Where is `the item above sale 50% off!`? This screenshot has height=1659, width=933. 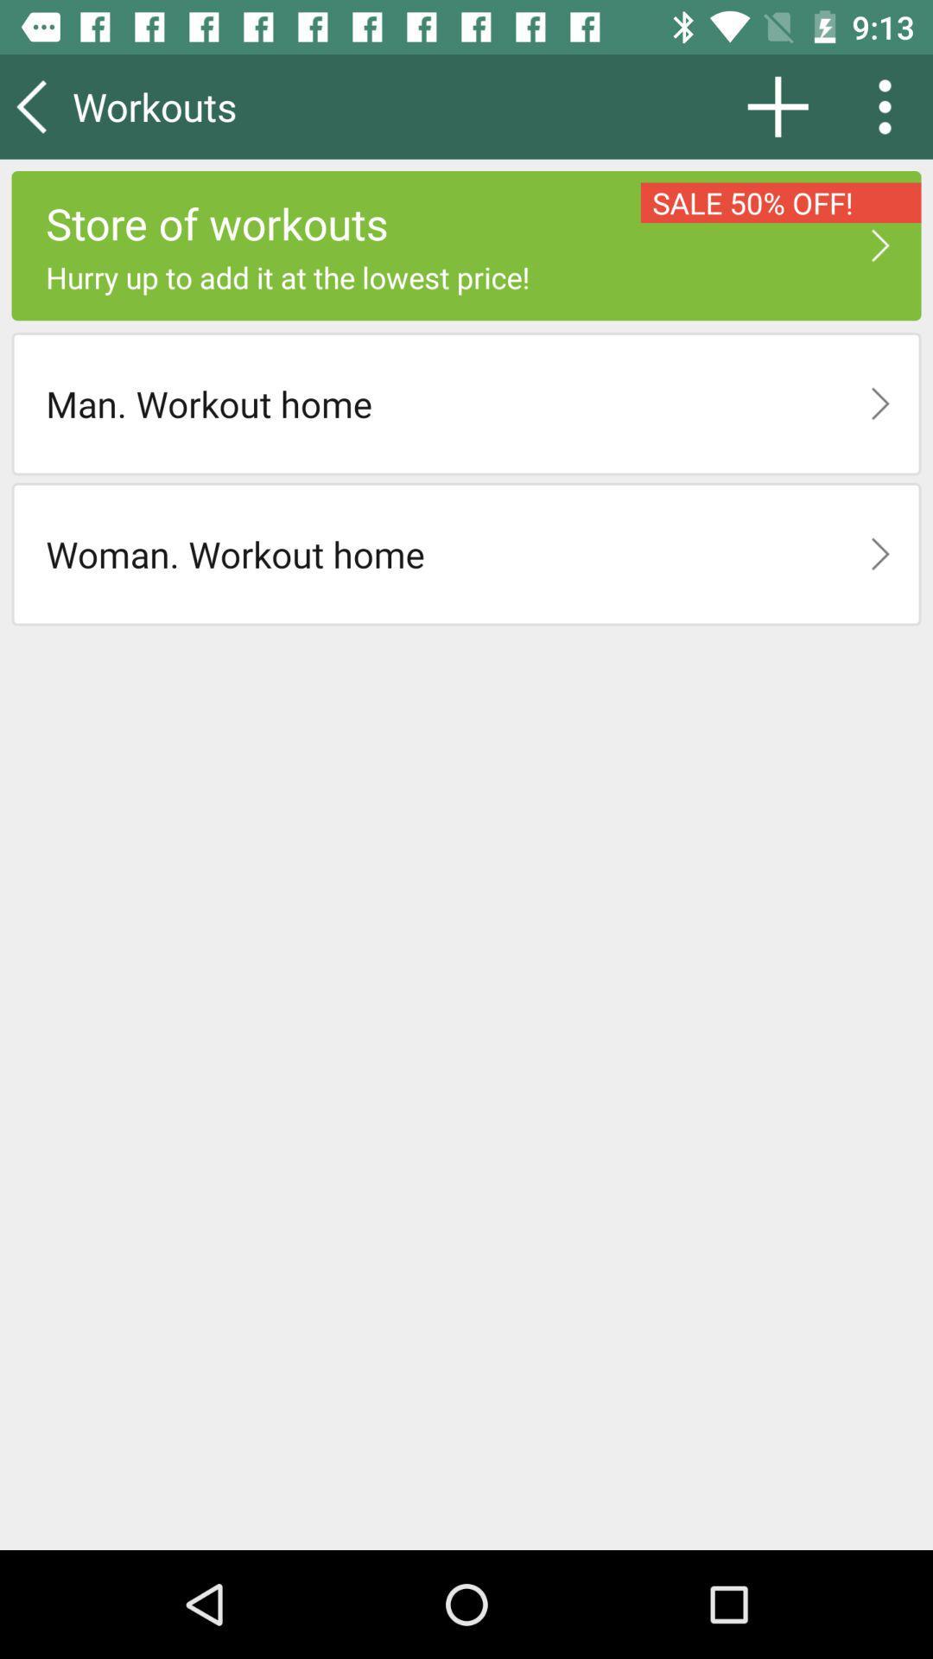 the item above sale 50% off! is located at coordinates (891, 105).